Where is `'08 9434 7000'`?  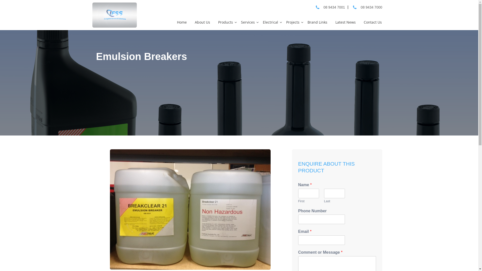 '08 9434 7000' is located at coordinates (360, 7).